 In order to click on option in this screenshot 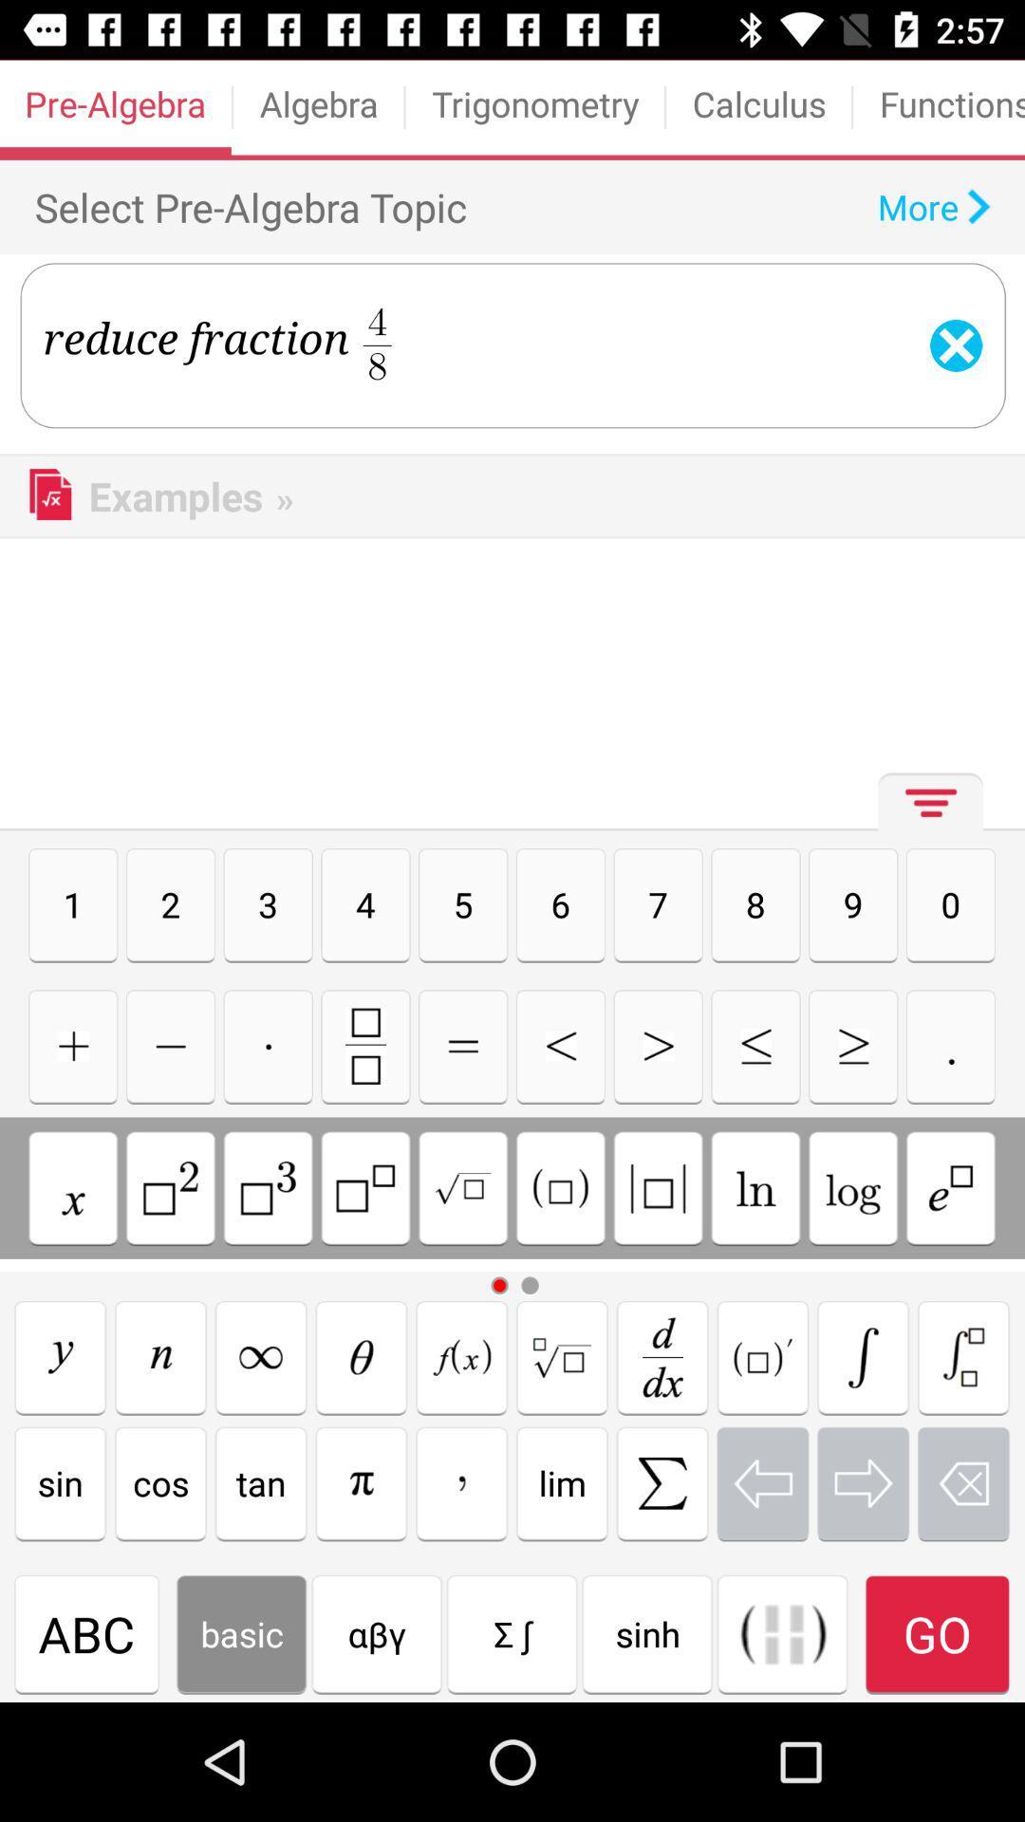, I will do `click(159, 1356)`.